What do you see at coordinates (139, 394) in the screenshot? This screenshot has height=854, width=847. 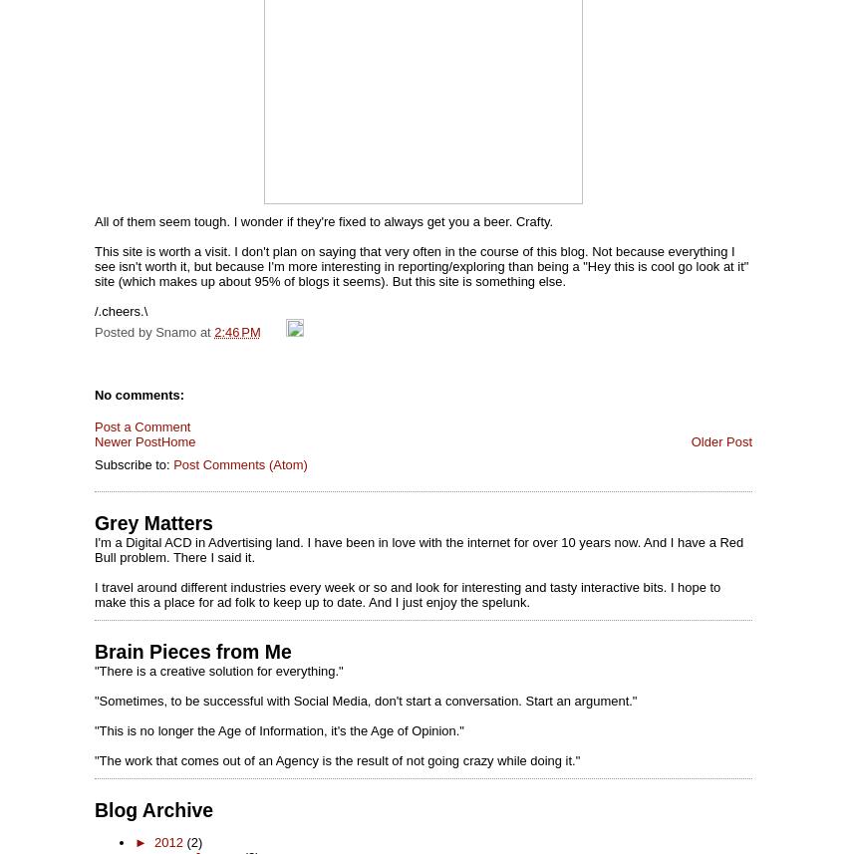 I see `'No comments:'` at bounding box center [139, 394].